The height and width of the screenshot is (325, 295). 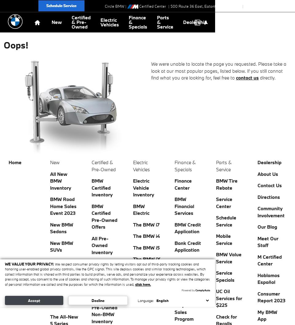 I want to click on 'All Pre-Owned Inventory', so click(x=102, y=245).